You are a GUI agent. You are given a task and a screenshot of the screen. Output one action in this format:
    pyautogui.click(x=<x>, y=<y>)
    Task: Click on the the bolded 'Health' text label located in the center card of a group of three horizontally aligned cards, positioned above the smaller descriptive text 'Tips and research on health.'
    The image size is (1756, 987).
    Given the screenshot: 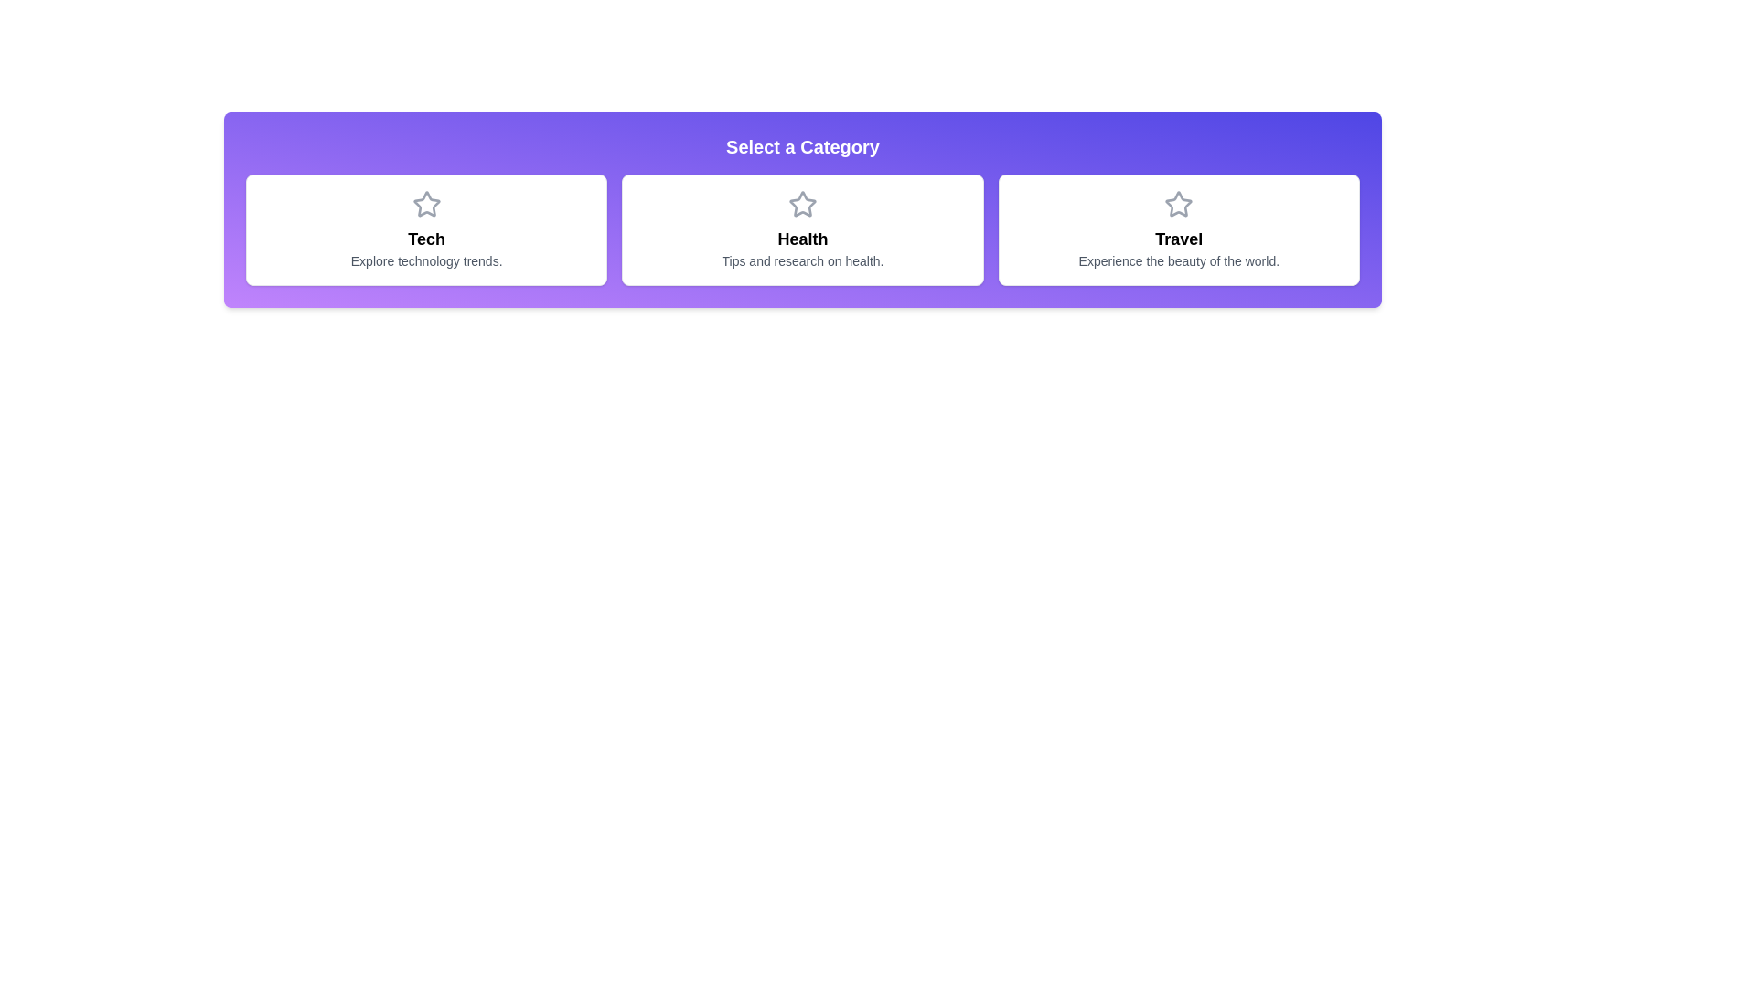 What is the action you would take?
    pyautogui.click(x=803, y=239)
    